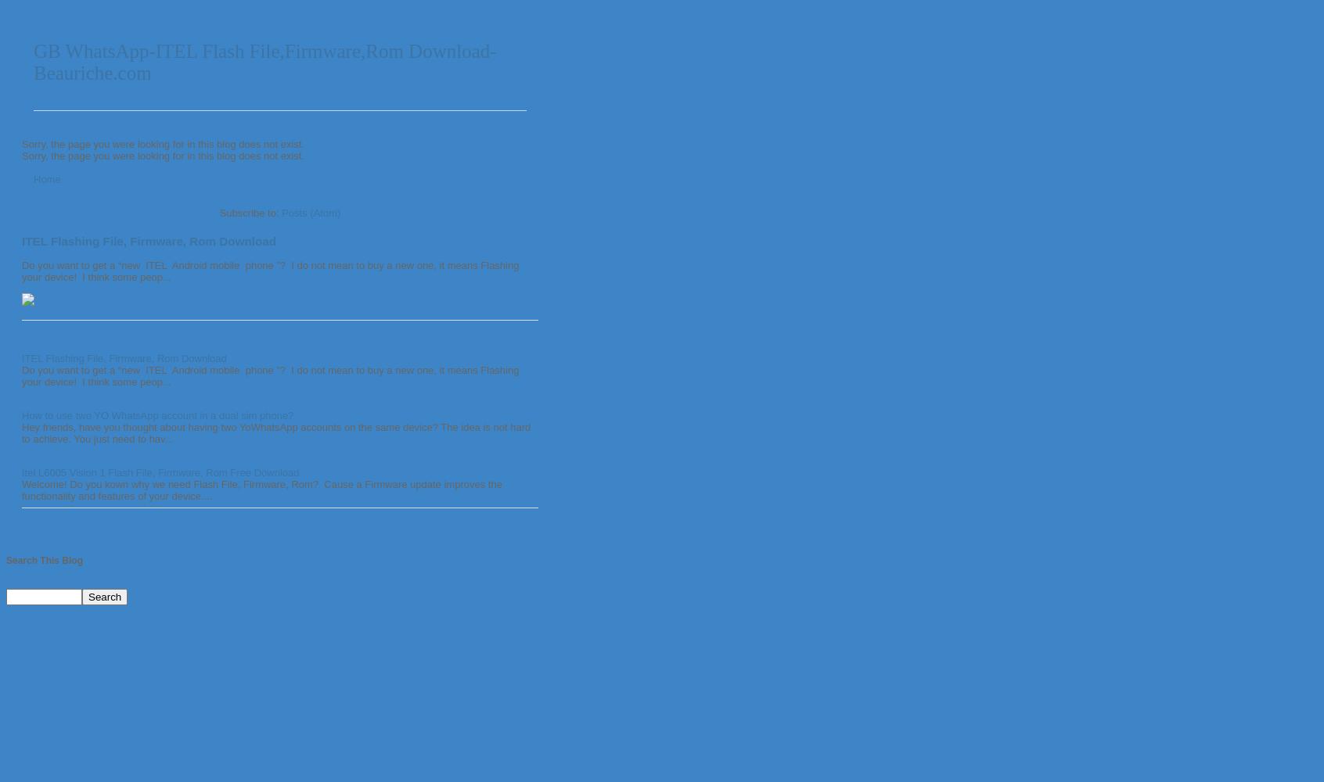 Image resolution: width=1324 pixels, height=782 pixels. I want to click on 'Home', so click(46, 178).